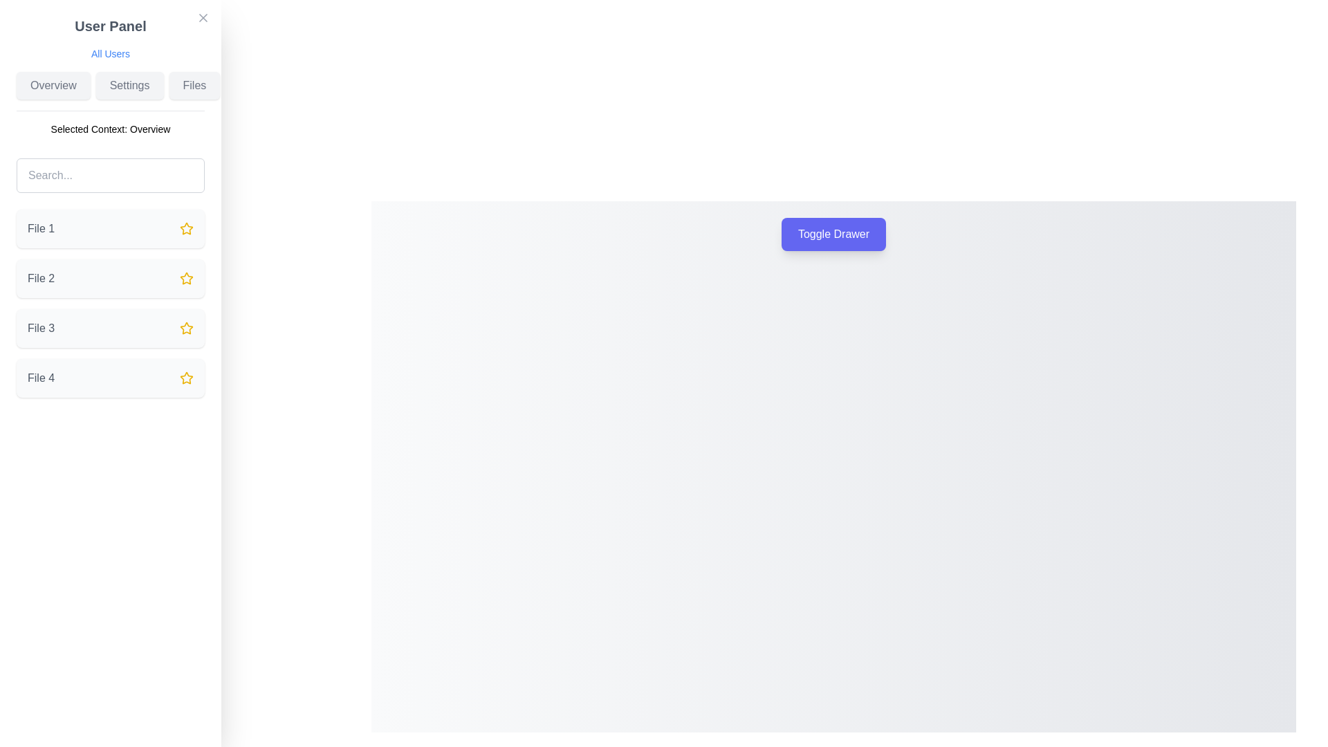 This screenshot has width=1328, height=747. What do you see at coordinates (53, 85) in the screenshot?
I see `the leftmost button labeled 'Overview' in the top row of the left sidebar` at bounding box center [53, 85].